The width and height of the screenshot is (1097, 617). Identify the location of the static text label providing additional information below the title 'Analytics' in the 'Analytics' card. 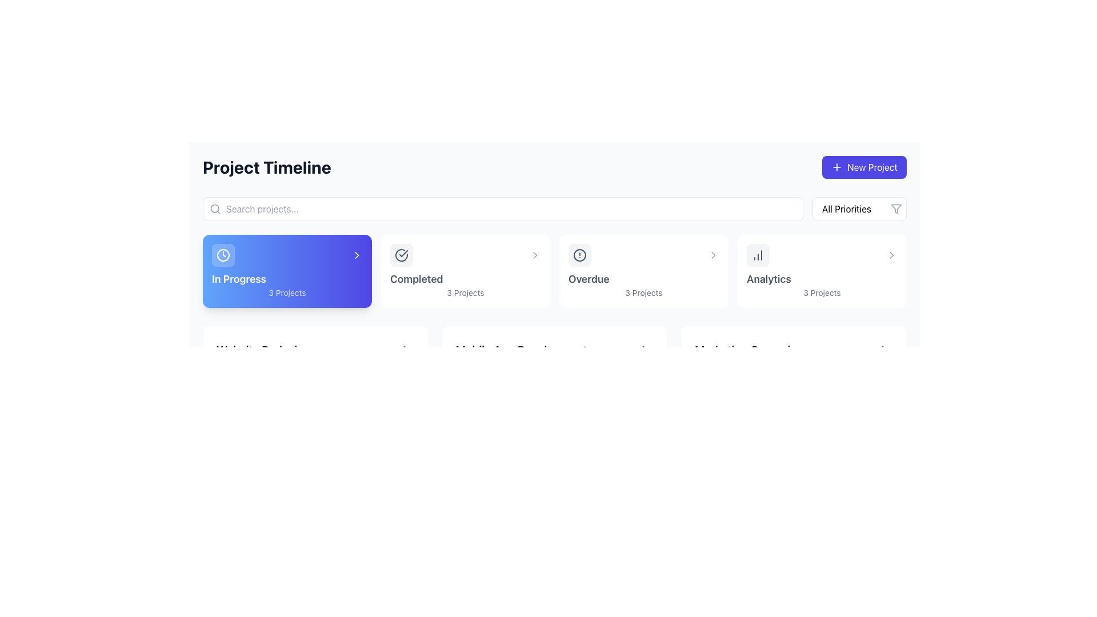
(822, 293).